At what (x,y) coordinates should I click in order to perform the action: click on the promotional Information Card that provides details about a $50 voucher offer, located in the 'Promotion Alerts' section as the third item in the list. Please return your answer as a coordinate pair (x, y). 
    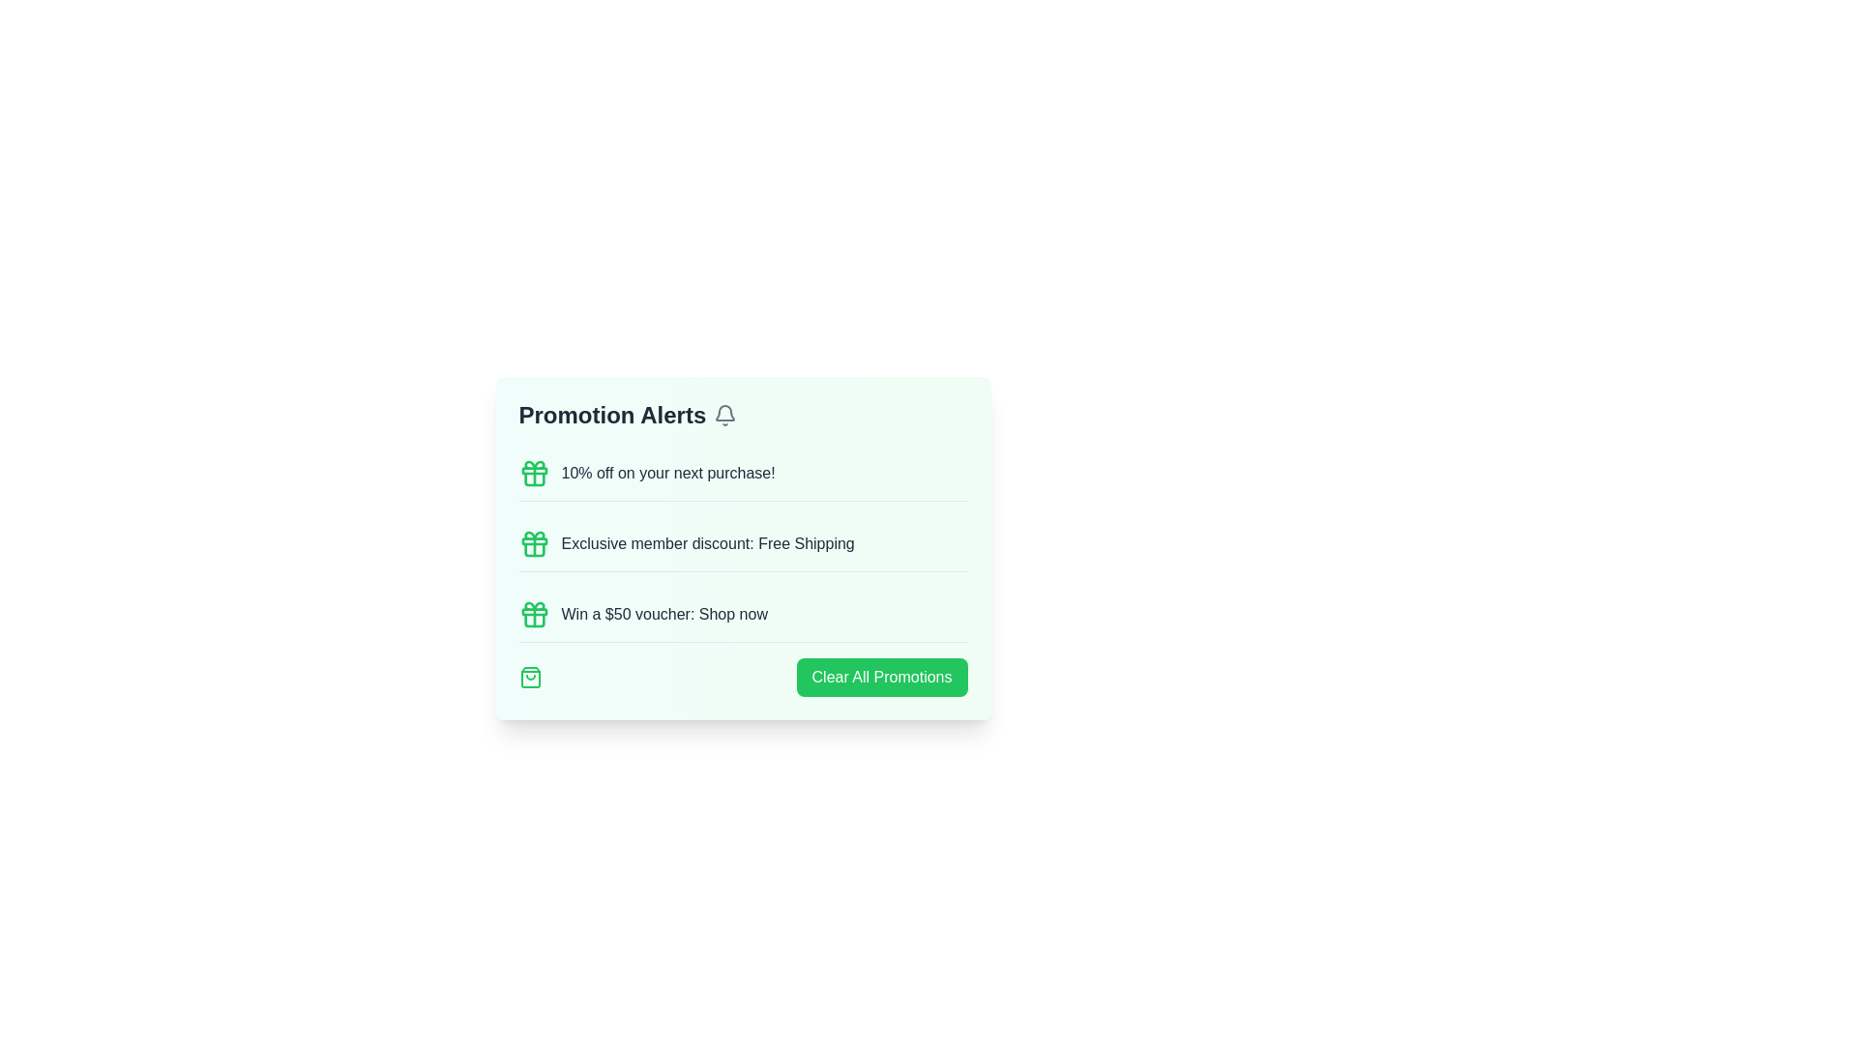
    Looking at the image, I should click on (742, 615).